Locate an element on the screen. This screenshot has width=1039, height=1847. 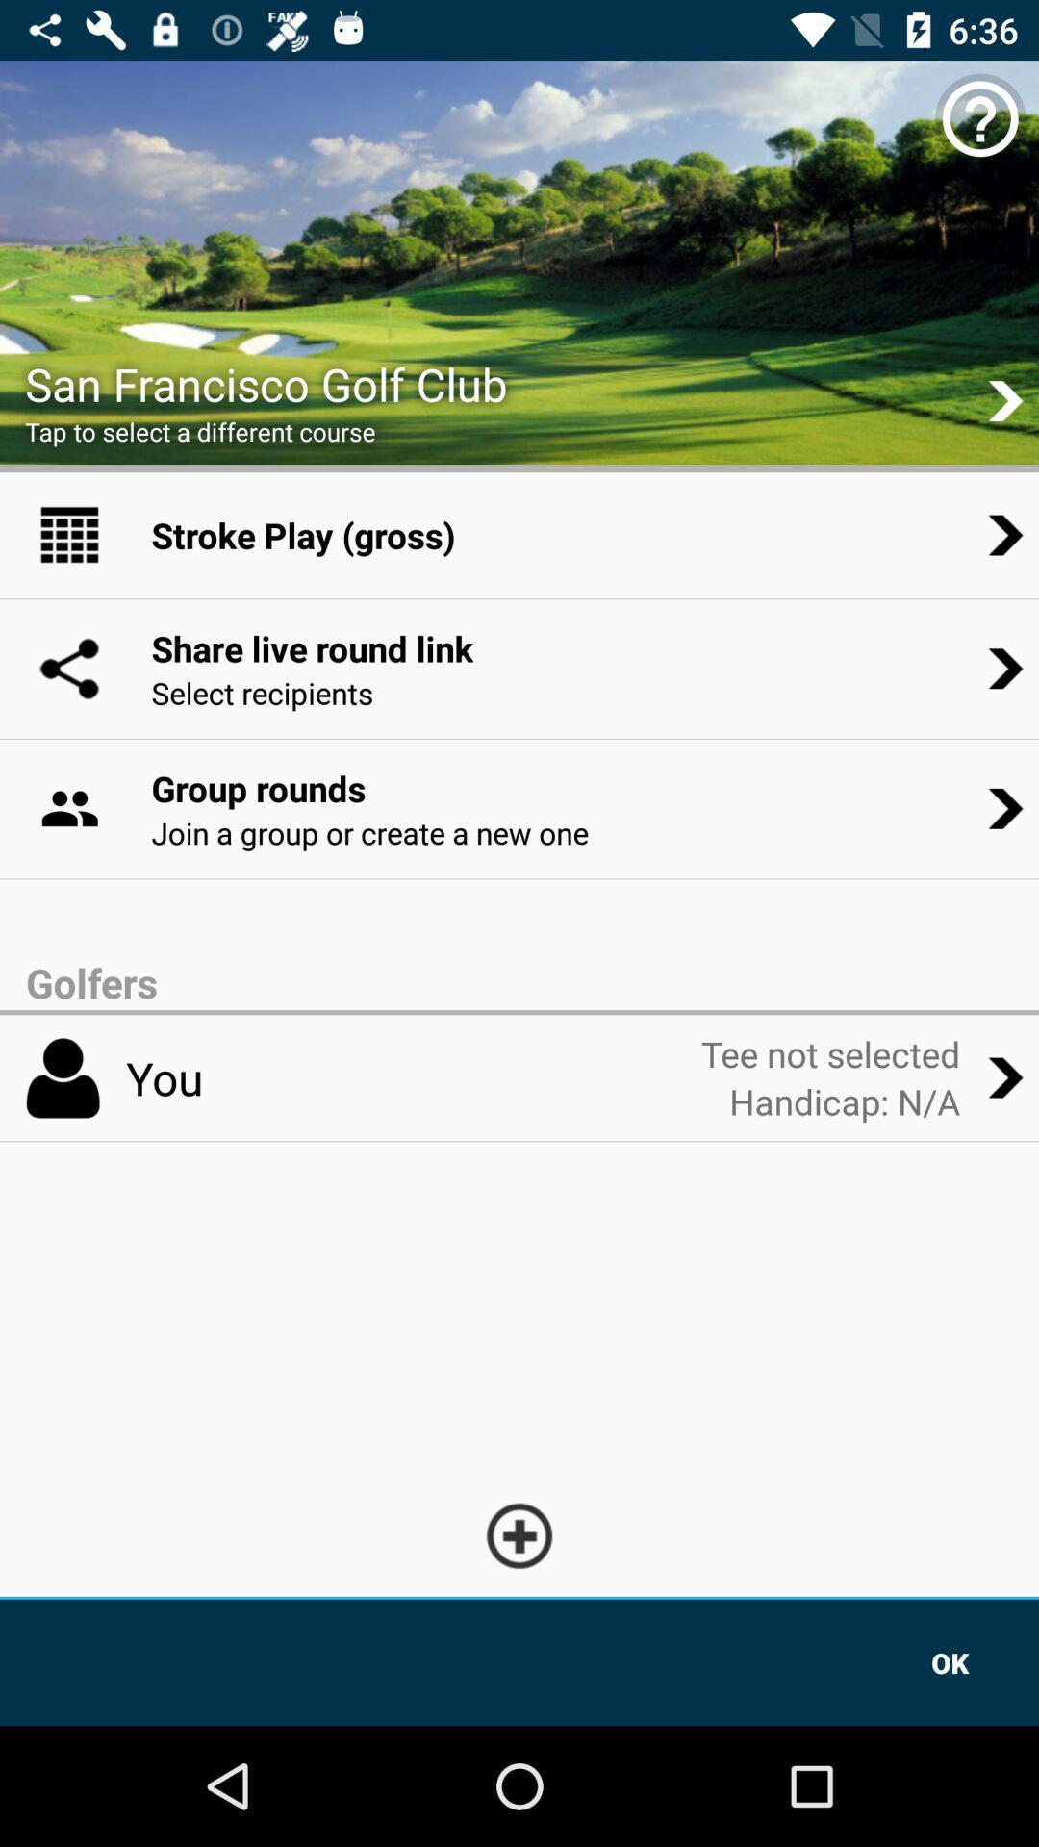
the icon at the bottom right corner is located at coordinates (950, 1661).